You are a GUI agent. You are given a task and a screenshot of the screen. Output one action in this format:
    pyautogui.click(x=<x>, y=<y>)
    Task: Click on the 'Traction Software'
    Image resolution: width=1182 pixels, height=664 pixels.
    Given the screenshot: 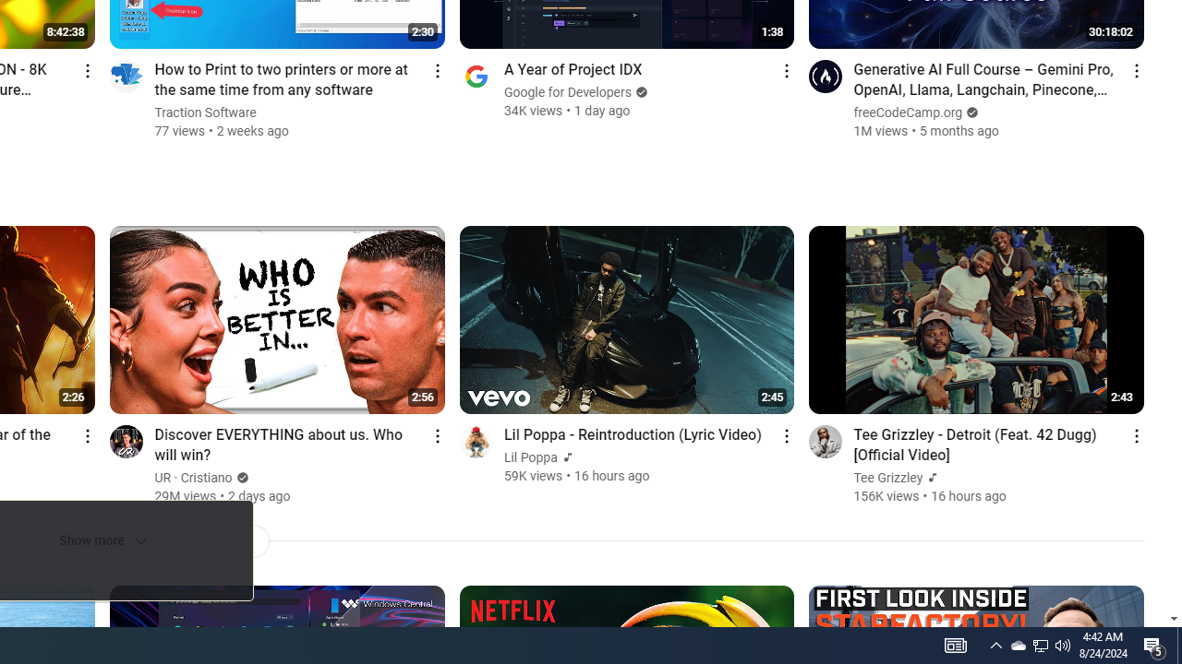 What is the action you would take?
    pyautogui.click(x=206, y=113)
    